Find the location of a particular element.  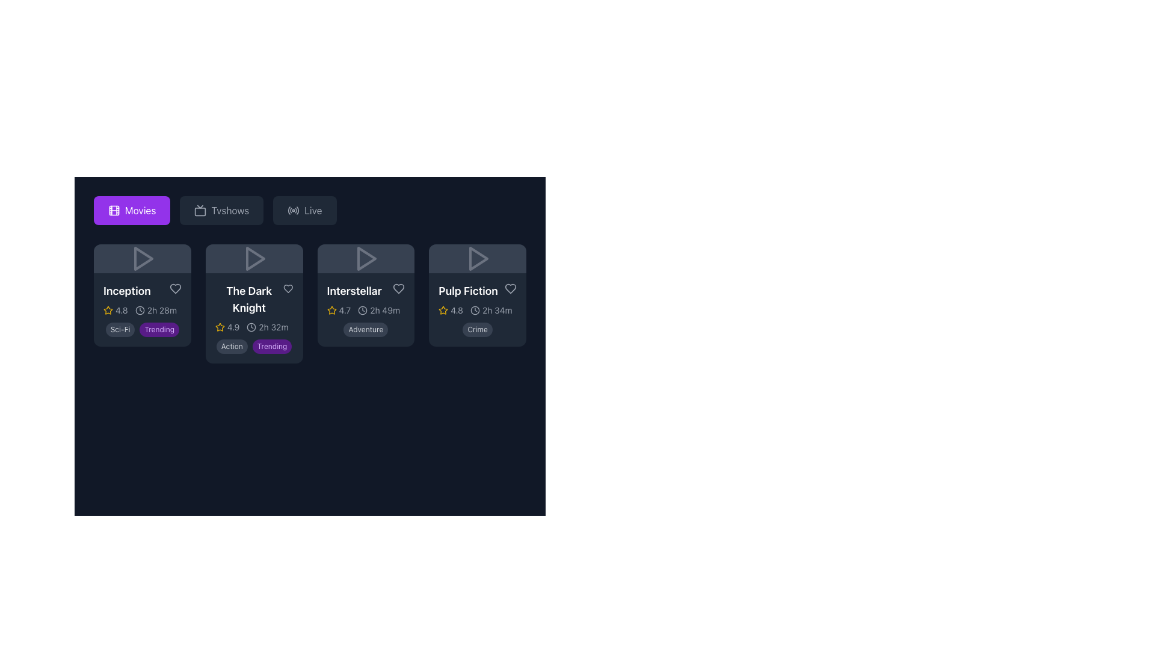

the 'Tvshows' navigation label is located at coordinates (230, 210).